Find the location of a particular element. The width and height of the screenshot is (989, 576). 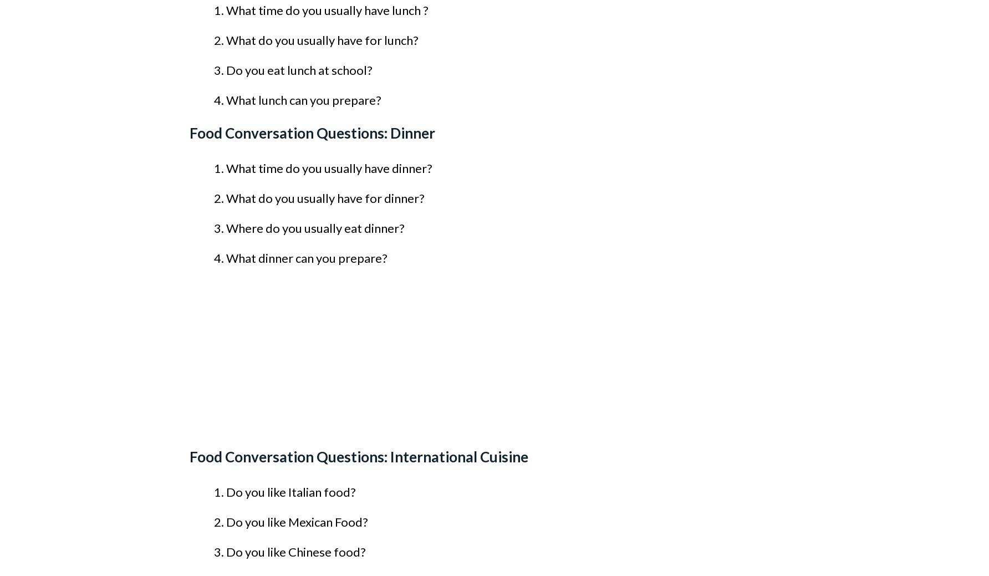

'What dinner can you prepare?' is located at coordinates (226, 257).